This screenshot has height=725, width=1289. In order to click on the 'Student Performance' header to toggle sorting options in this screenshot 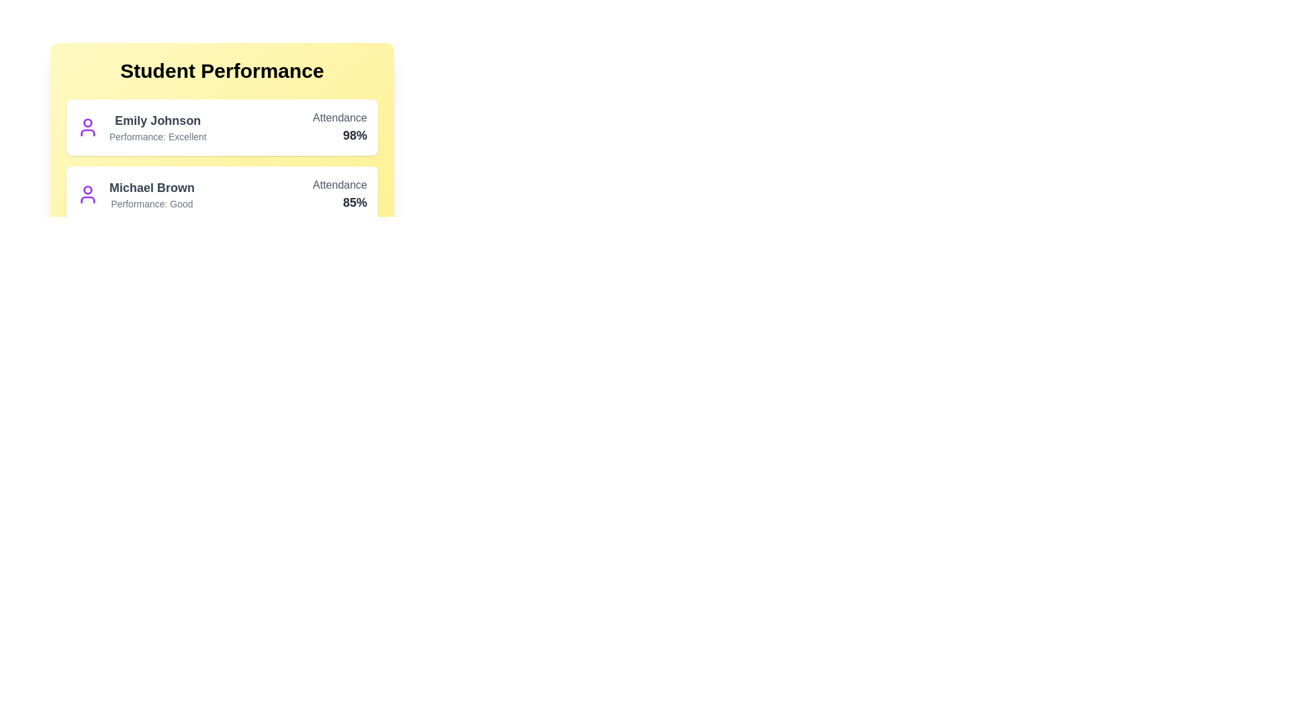, I will do `click(222, 70)`.